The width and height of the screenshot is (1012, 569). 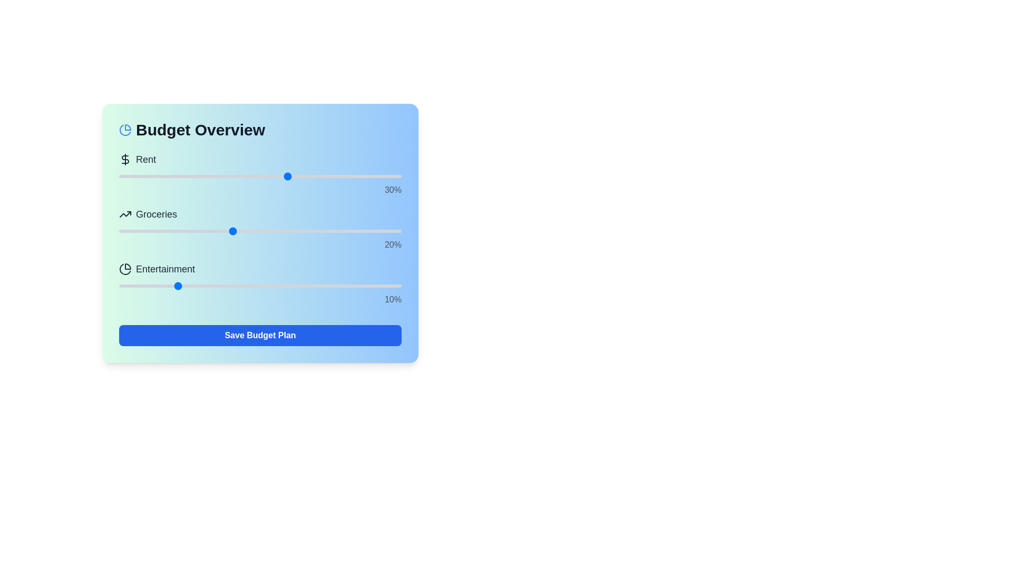 What do you see at coordinates (351, 286) in the screenshot?
I see `the slider` at bounding box center [351, 286].